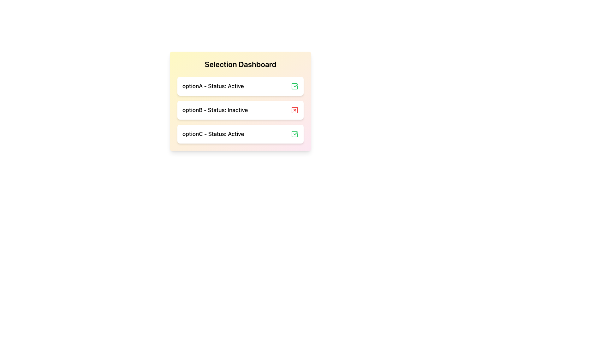  What do you see at coordinates (240, 86) in the screenshot?
I see `the interactive card representing 'optionA' with a green checkmark icon` at bounding box center [240, 86].